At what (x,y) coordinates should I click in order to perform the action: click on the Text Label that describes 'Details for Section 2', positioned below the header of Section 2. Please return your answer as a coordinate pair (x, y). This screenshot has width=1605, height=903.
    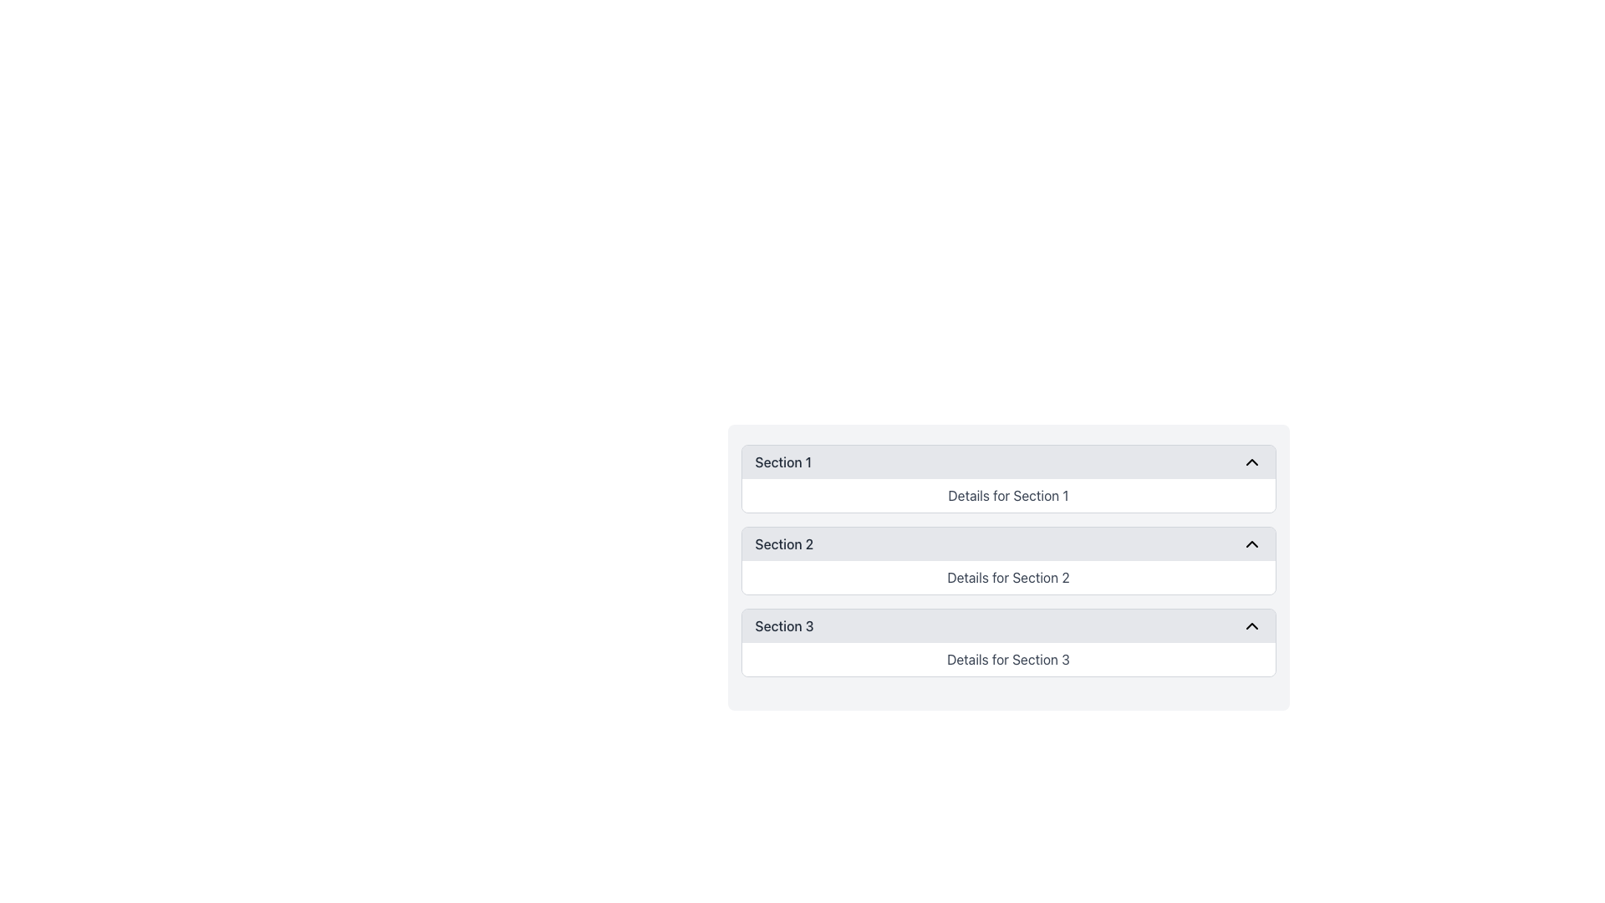
    Looking at the image, I should click on (1007, 576).